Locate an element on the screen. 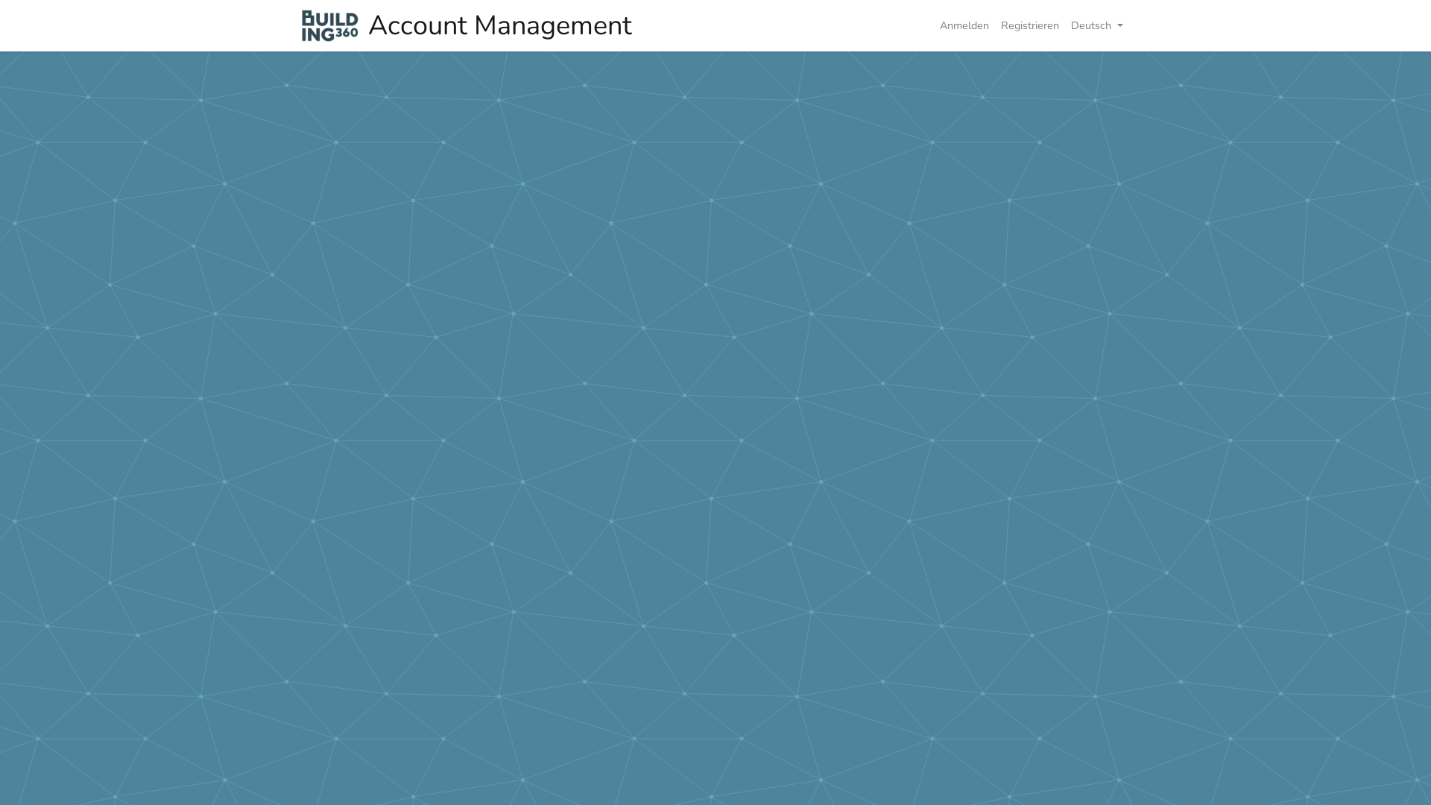 The image size is (1431, 805). 'Anmelden' is located at coordinates (964, 25).